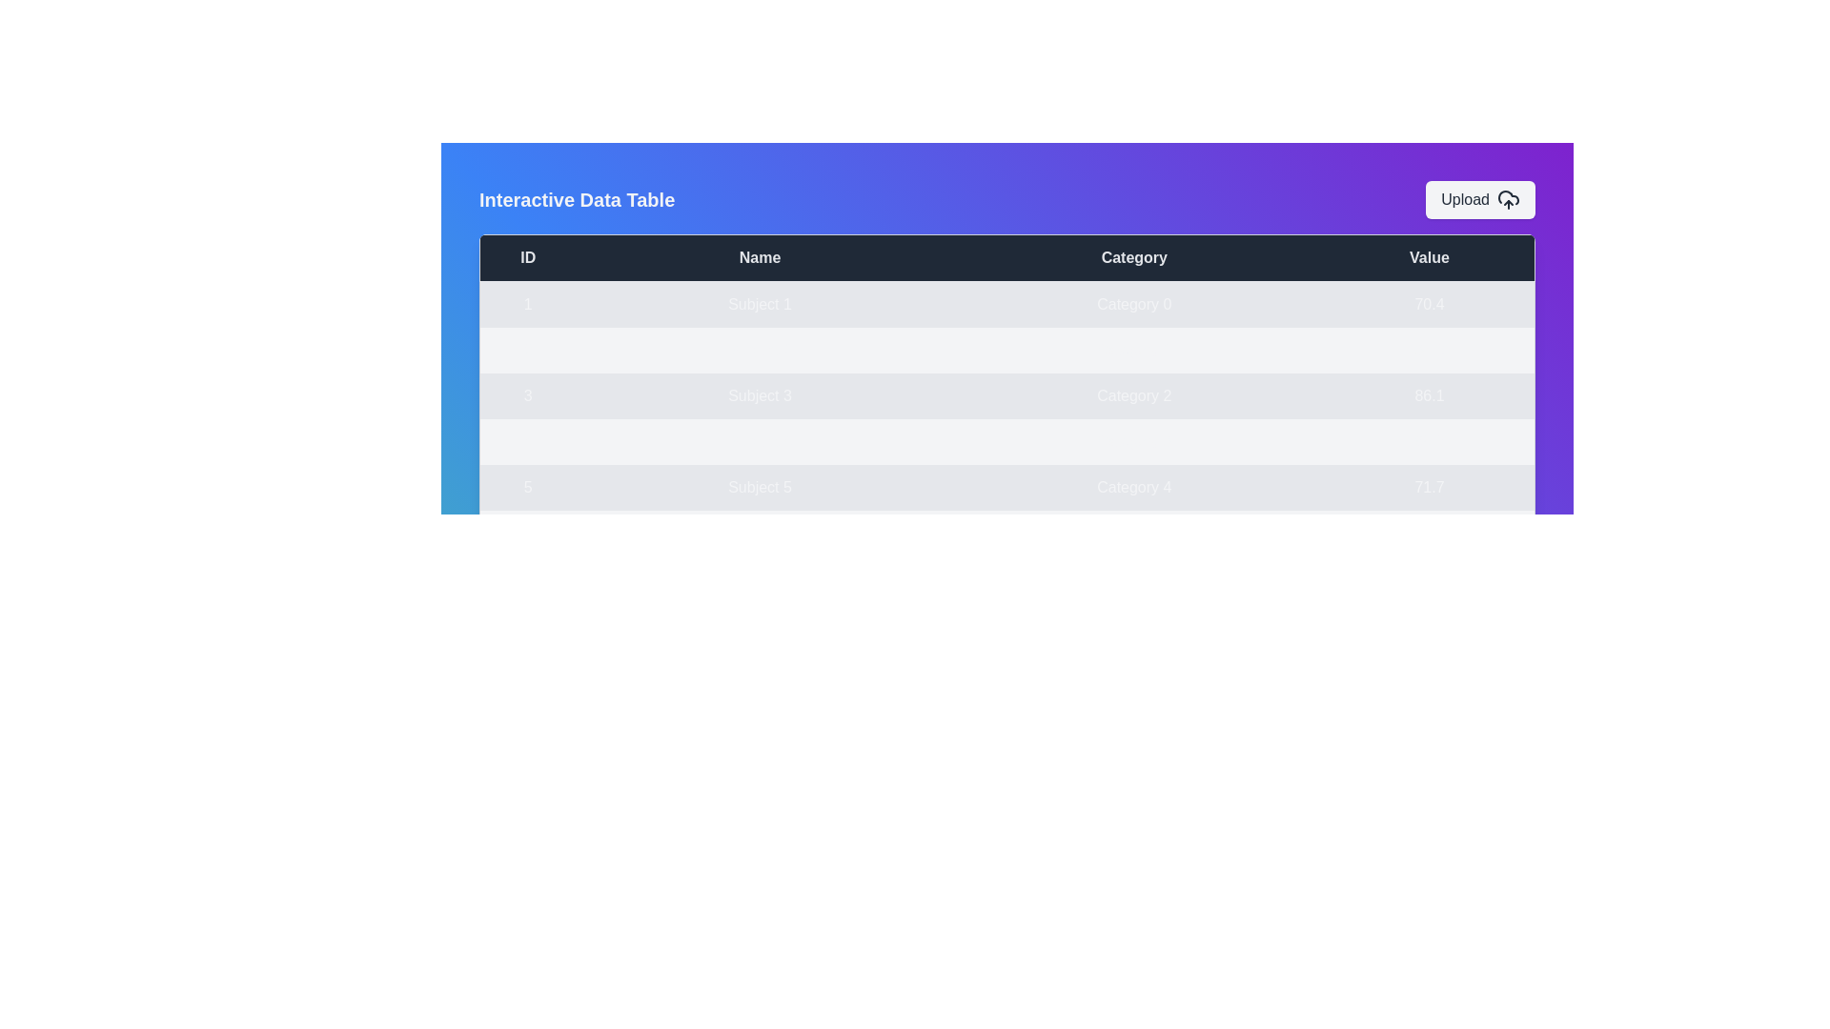 The image size is (1830, 1029). I want to click on the table header 'Category' to sort the data, so click(1134, 257).